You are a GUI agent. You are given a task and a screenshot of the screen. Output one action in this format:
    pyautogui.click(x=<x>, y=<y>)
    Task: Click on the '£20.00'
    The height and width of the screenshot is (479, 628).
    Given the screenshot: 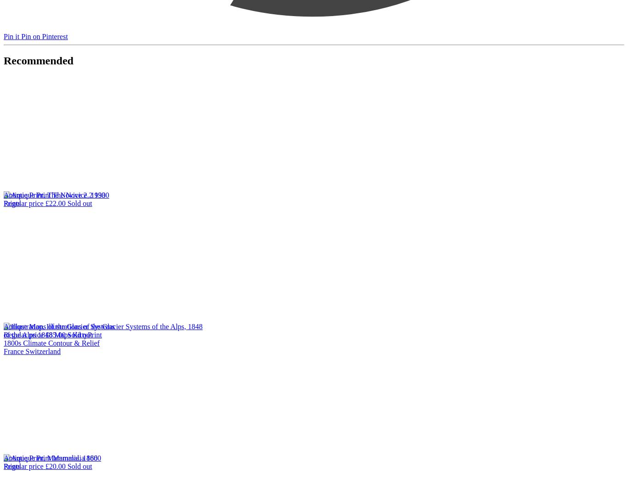 What is the action you would take?
    pyautogui.click(x=55, y=466)
    